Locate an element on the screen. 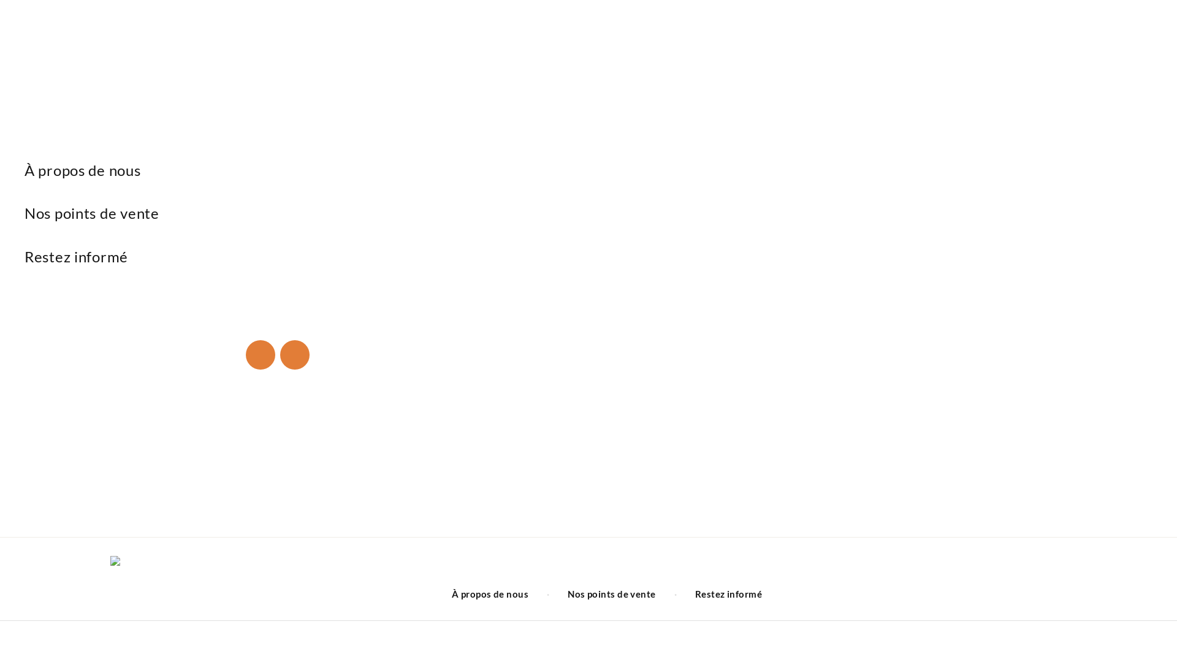 This screenshot has height=662, width=1177. 'Nos points de vente' is located at coordinates (612, 593).